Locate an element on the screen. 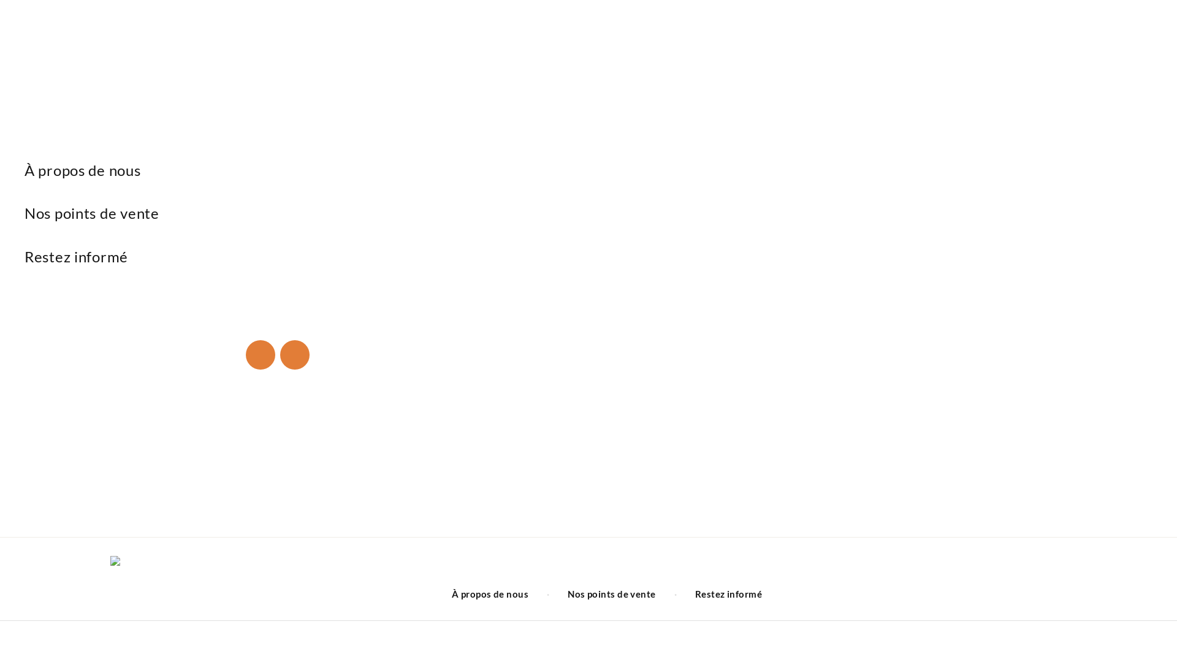 This screenshot has height=662, width=1177. 'Nos points de vente' is located at coordinates (612, 593).